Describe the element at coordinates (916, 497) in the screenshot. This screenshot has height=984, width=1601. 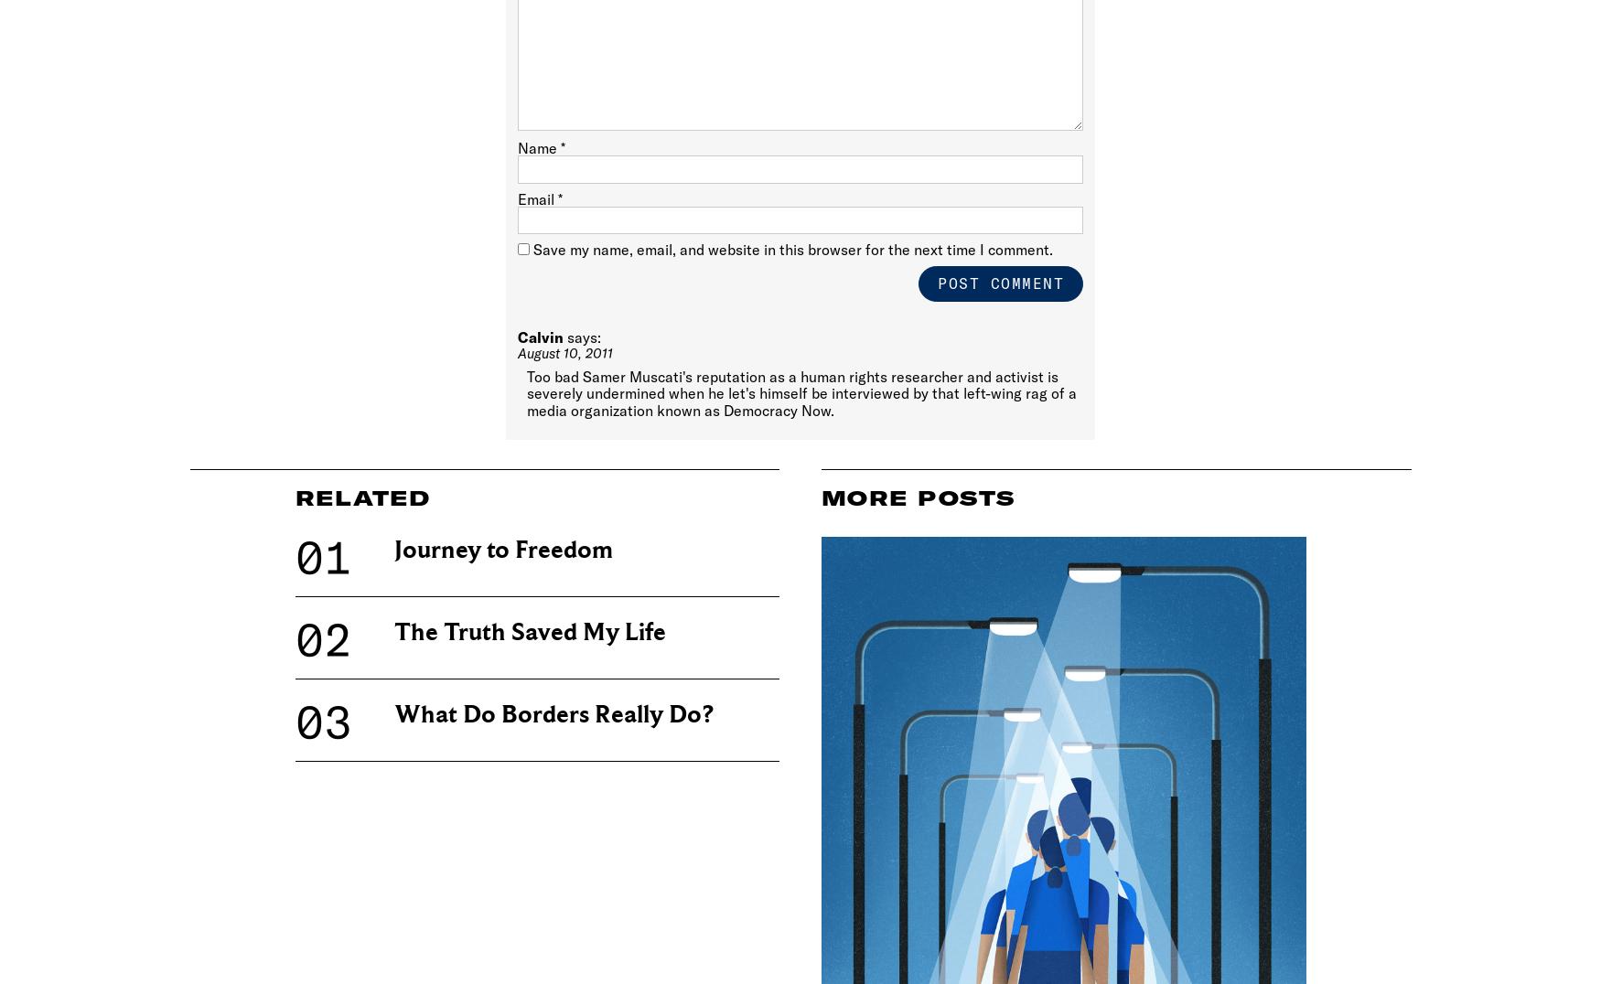
I see `'More Posts'` at that location.